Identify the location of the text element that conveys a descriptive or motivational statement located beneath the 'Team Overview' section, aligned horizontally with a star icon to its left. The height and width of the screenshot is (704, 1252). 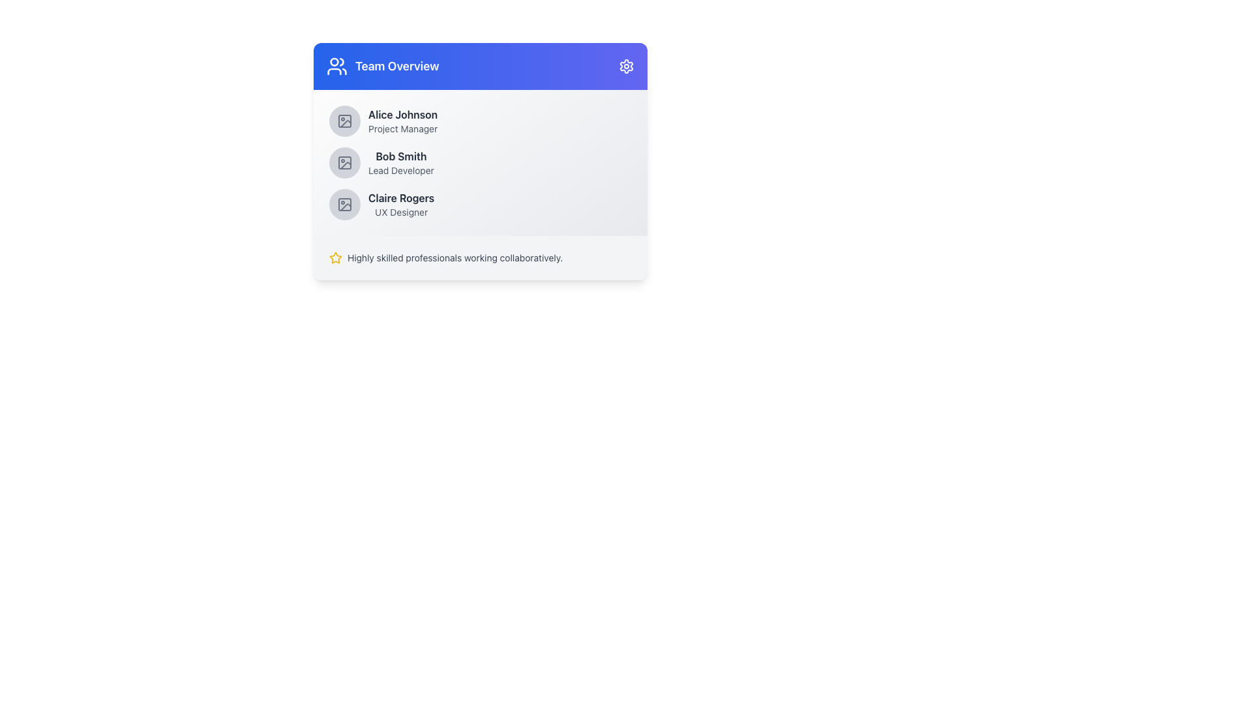
(455, 258).